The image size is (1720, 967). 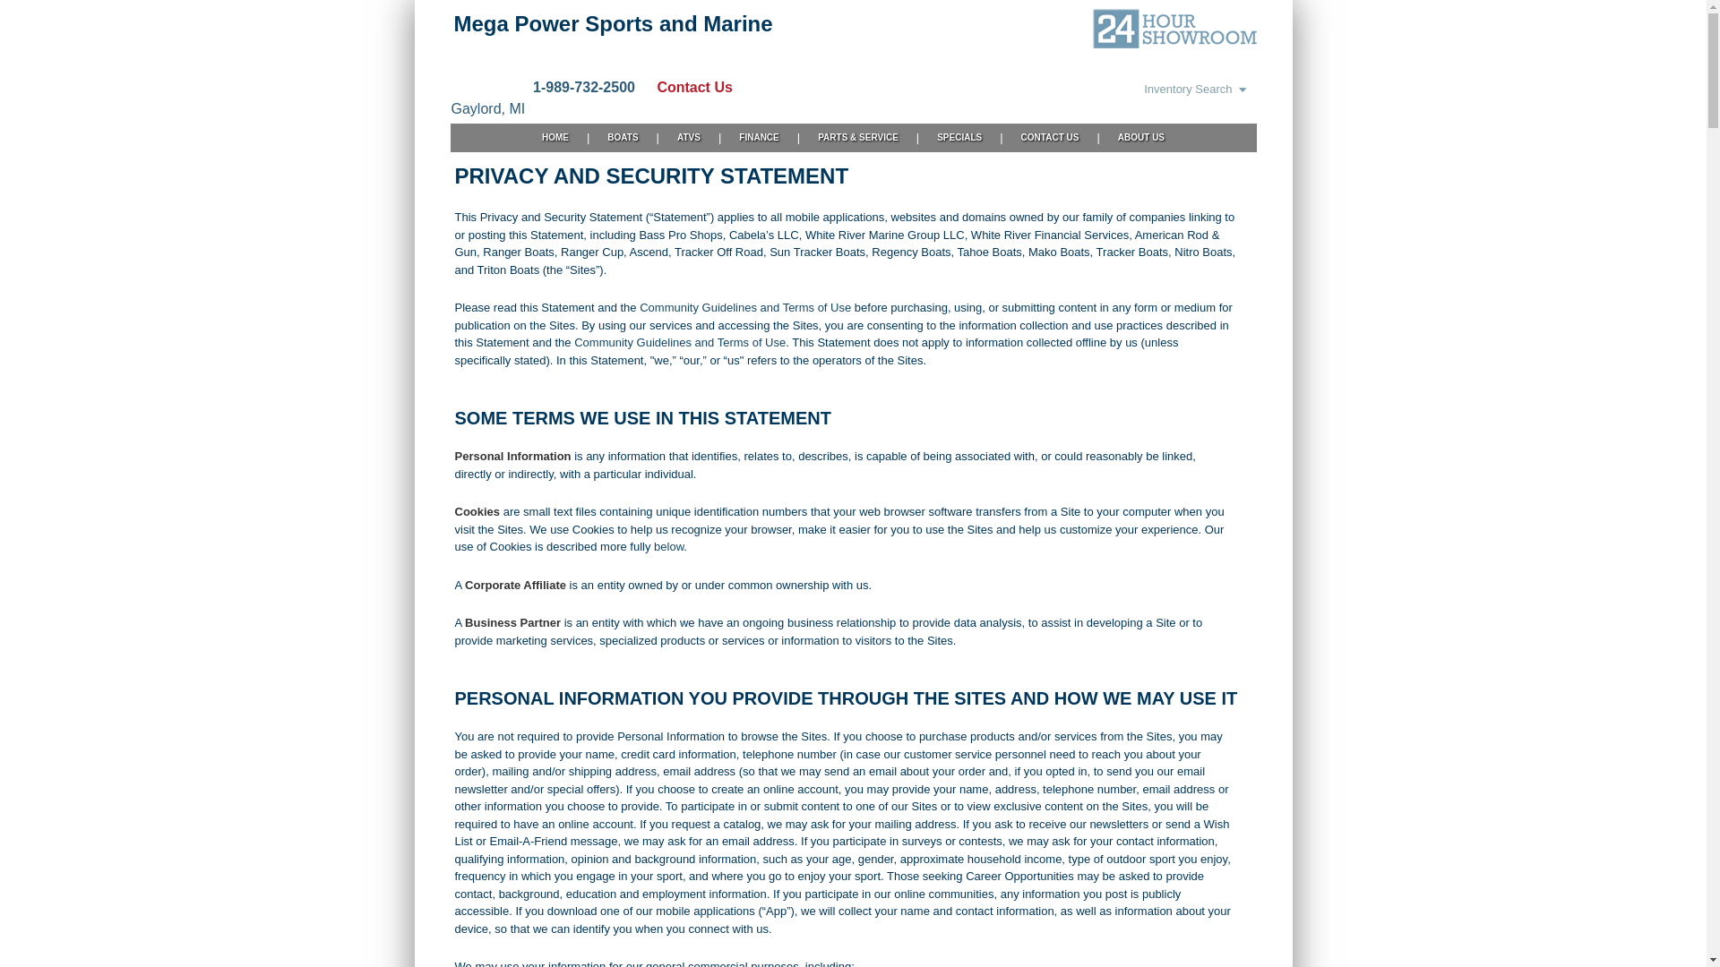 I want to click on 'ATVS', so click(x=687, y=137).